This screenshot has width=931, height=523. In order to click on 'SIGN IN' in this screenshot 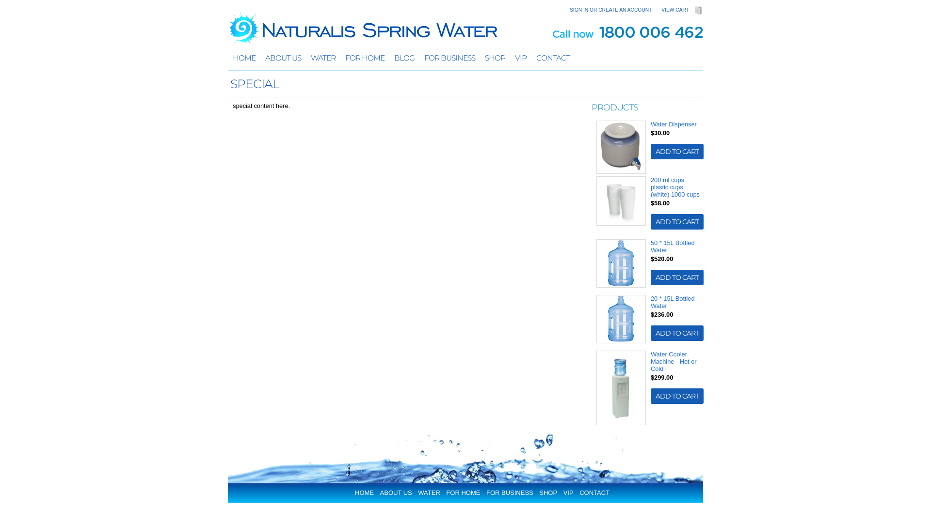, I will do `click(579, 10)`.